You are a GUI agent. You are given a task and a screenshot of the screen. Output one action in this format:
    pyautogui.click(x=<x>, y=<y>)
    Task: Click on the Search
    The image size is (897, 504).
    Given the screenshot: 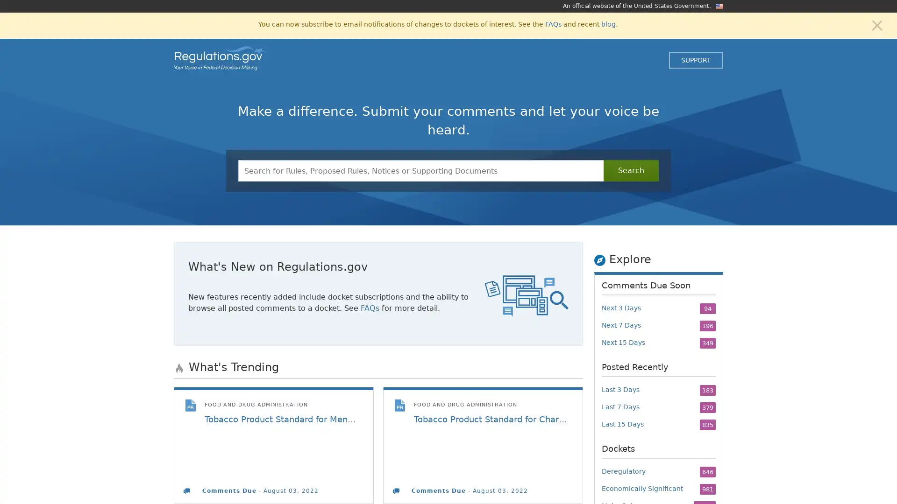 What is the action you would take?
    pyautogui.click(x=631, y=171)
    